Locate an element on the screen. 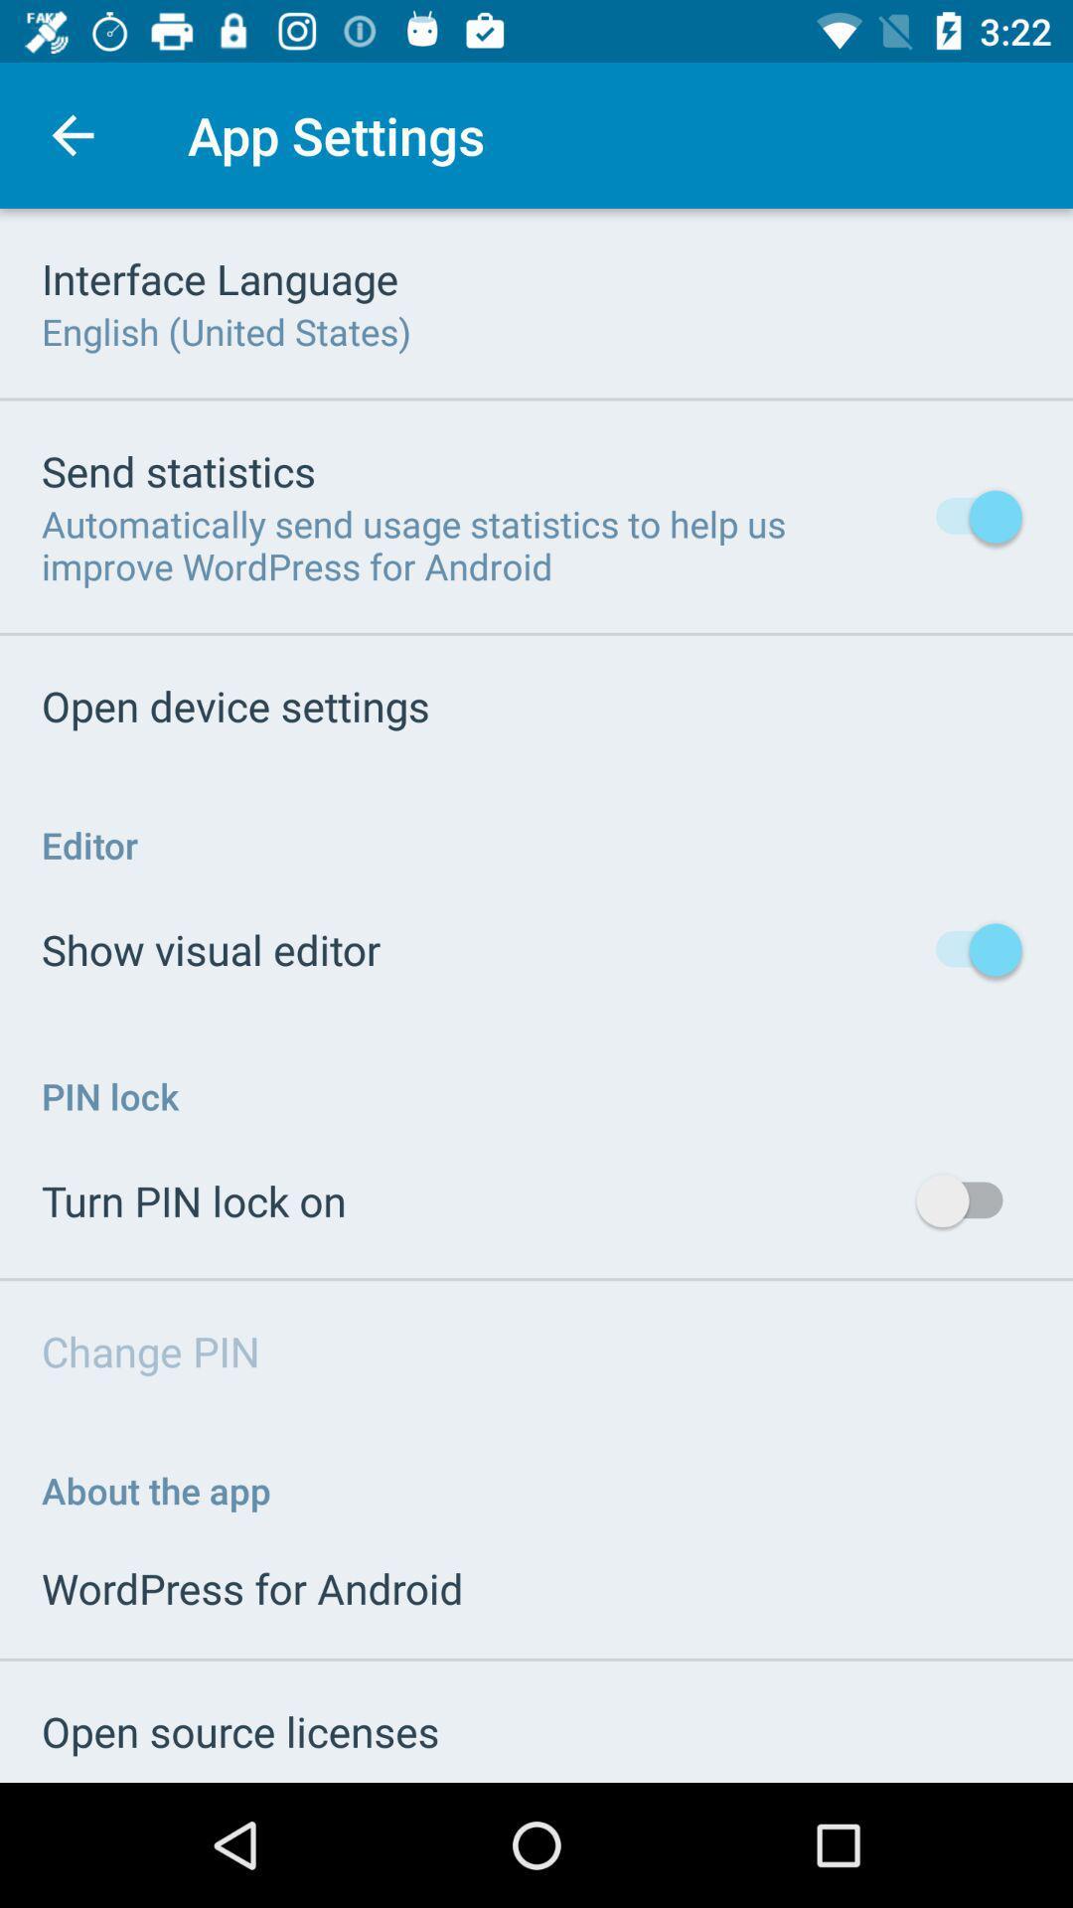 Image resolution: width=1073 pixels, height=1908 pixels. change your app settings is located at coordinates (536, 996).